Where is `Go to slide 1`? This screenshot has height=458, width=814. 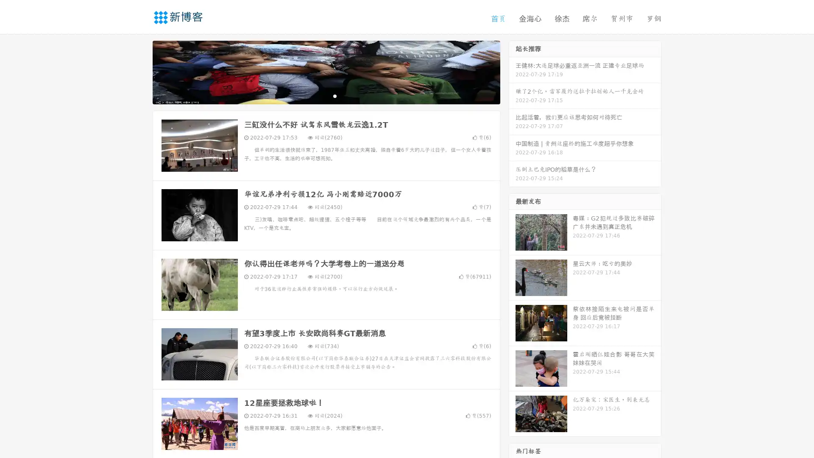
Go to slide 1 is located at coordinates (317, 95).